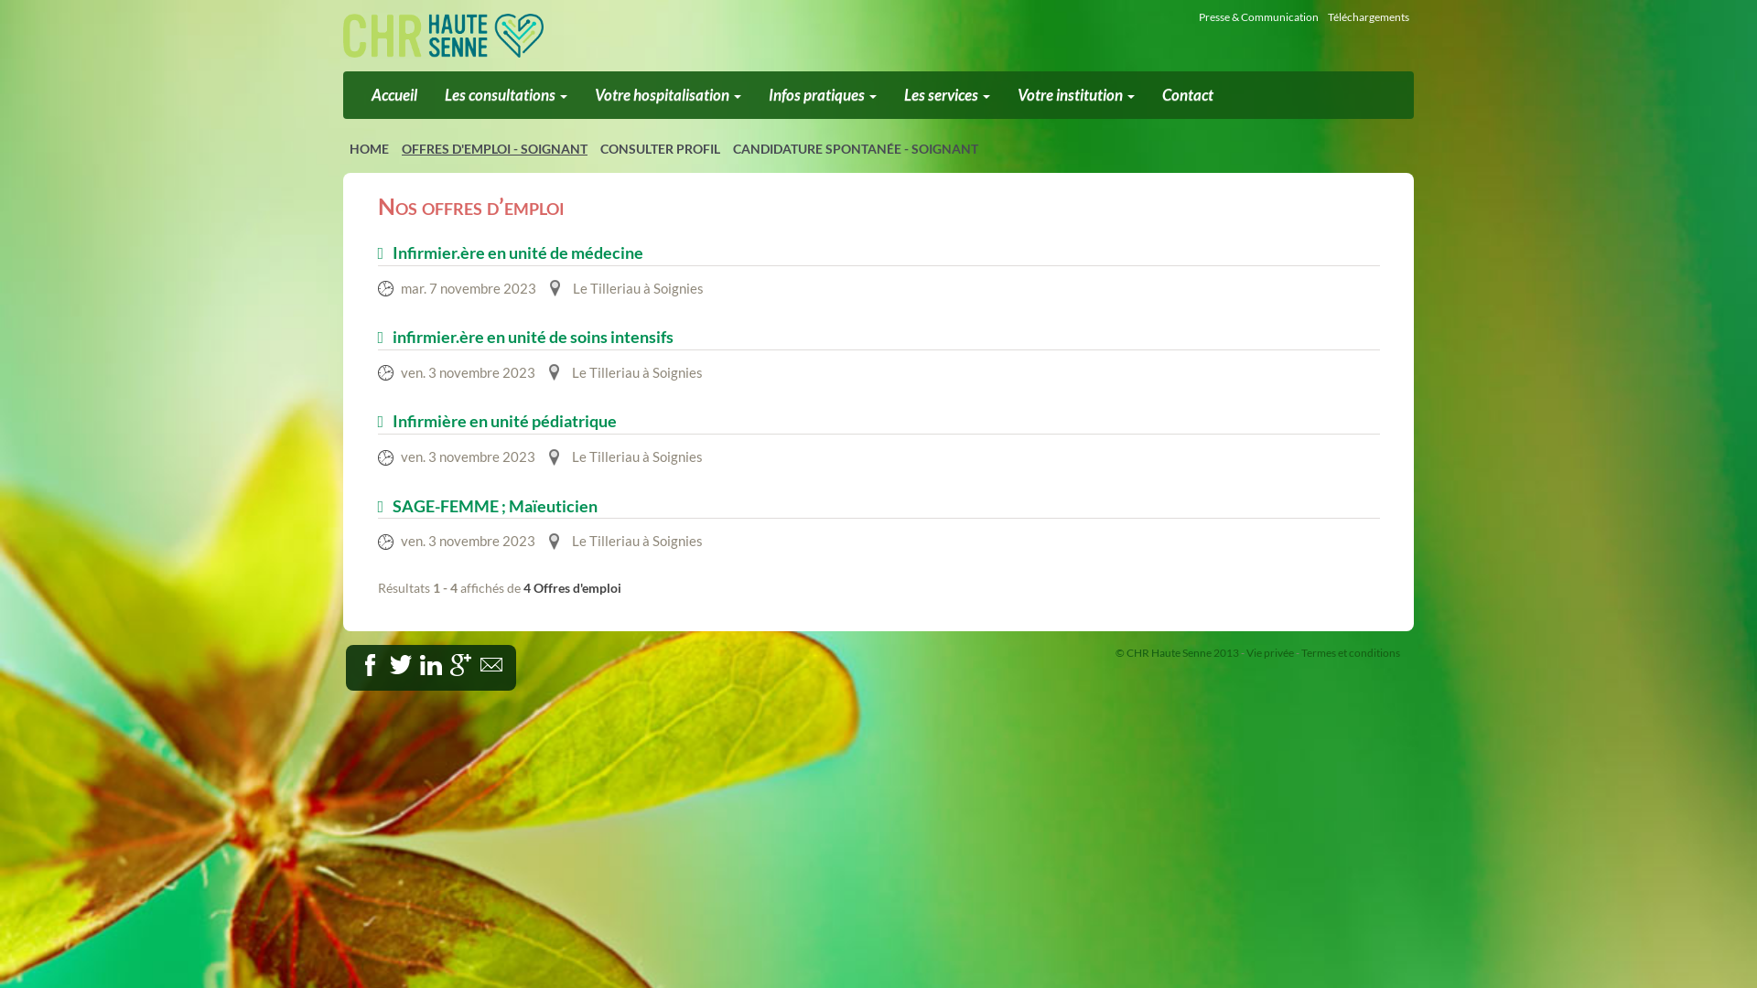 This screenshot has width=1757, height=988. Describe the element at coordinates (494, 147) in the screenshot. I see `'OFFRES D'EMPLOI - SOIGNANT'` at that location.